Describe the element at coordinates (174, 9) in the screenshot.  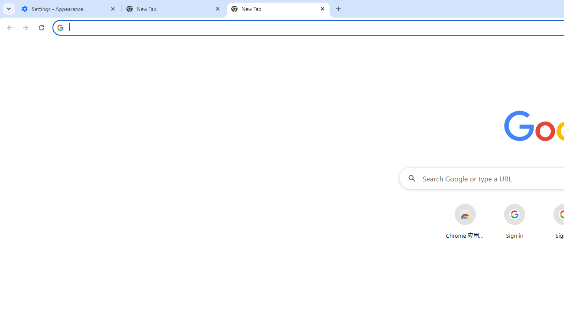
I see `'New Tab'` at that location.